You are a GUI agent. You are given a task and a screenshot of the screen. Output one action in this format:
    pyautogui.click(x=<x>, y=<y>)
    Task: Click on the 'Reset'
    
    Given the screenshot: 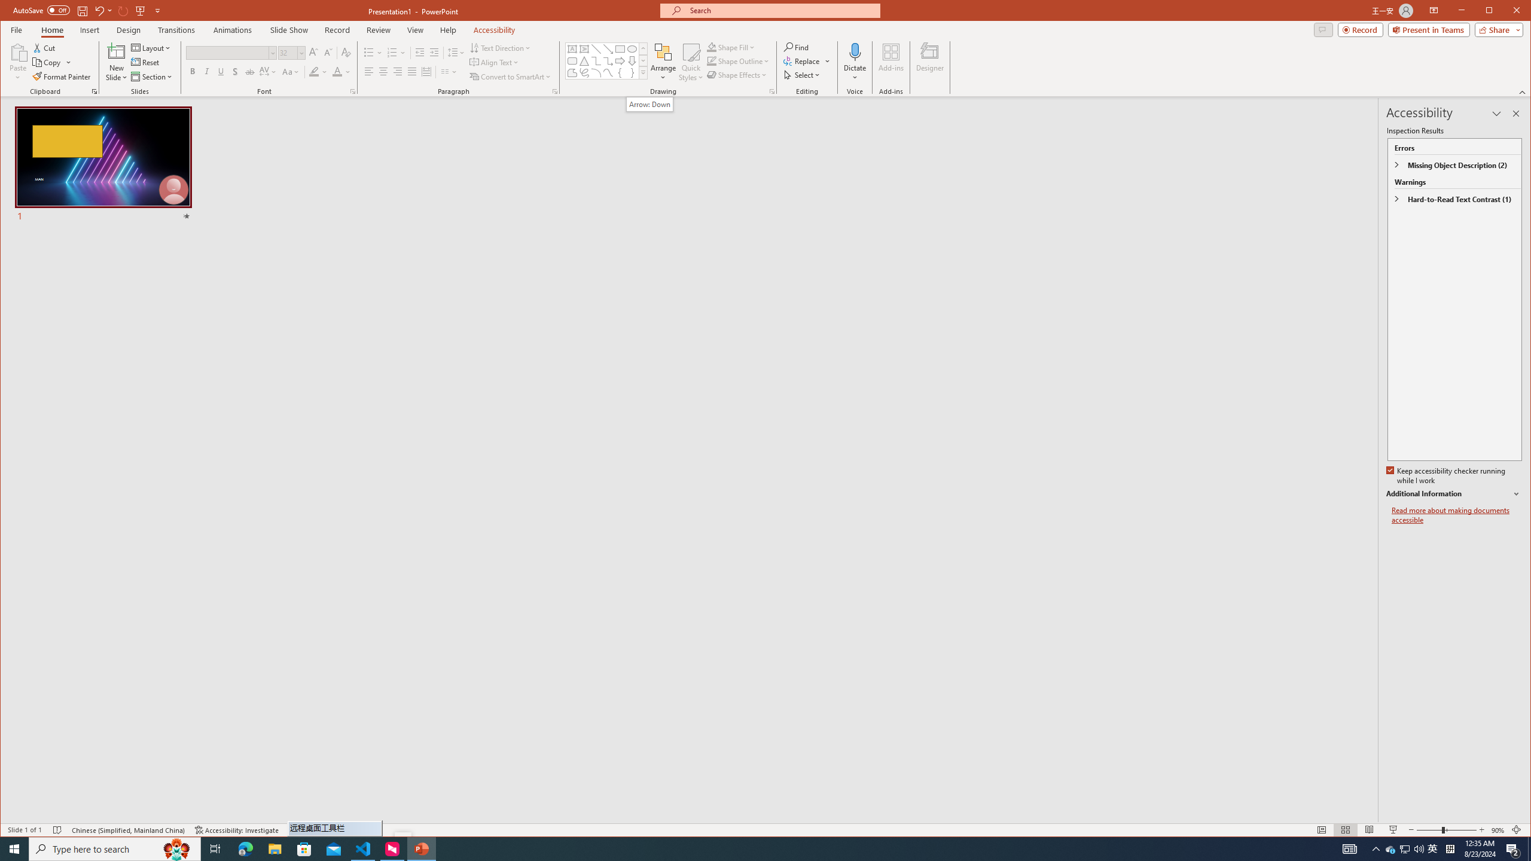 What is the action you would take?
    pyautogui.click(x=146, y=62)
    